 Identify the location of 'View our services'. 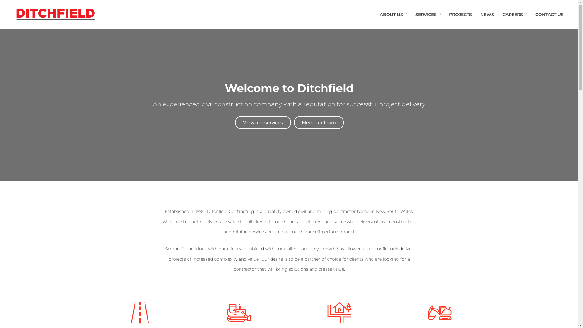
(263, 122).